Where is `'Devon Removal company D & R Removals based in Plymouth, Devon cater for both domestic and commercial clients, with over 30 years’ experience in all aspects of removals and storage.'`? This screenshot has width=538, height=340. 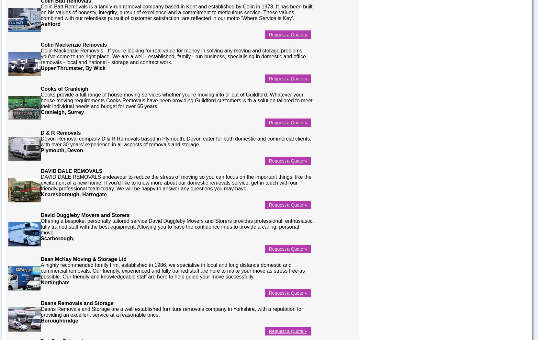
'Devon Removal company D & R Removals based in Plymouth, Devon cater for both domestic and commercial clients, with over 30 years’ experience in all aspects of removals and storage.' is located at coordinates (175, 141).